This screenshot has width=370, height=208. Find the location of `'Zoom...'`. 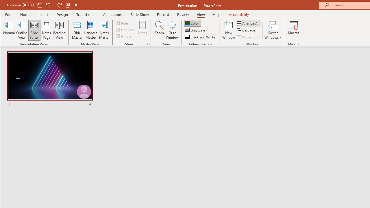

'Zoom...' is located at coordinates (159, 30).